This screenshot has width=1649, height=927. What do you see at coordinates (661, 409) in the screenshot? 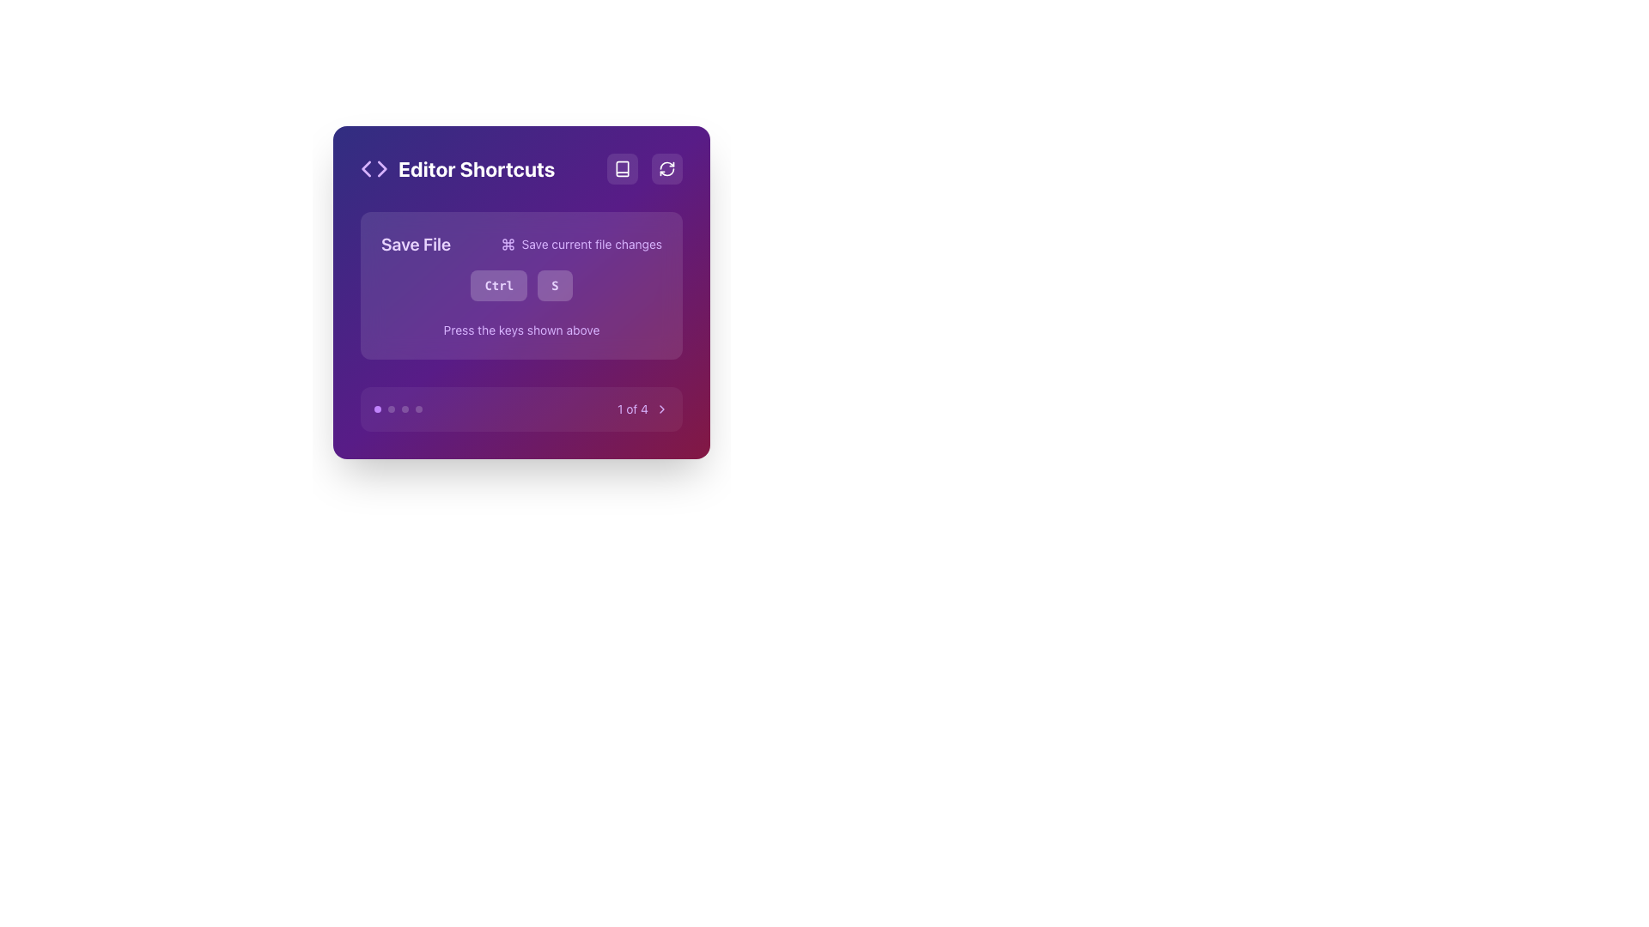
I see `the Button-like navigation icon located to the right of the '1 of 4' text in the bottom-right corner of the interface` at bounding box center [661, 409].